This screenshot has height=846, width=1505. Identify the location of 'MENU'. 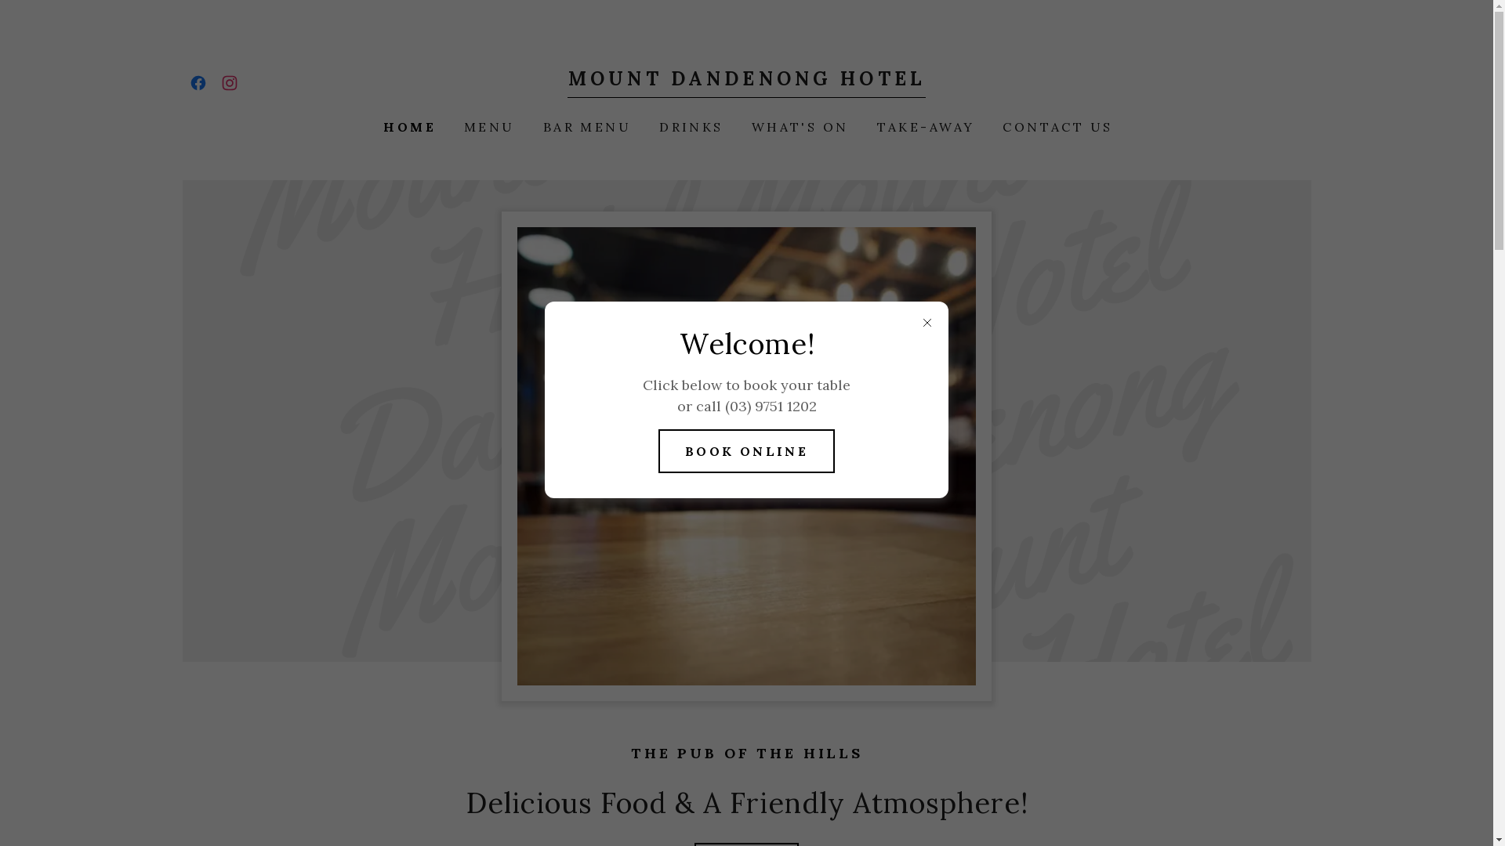
(455, 126).